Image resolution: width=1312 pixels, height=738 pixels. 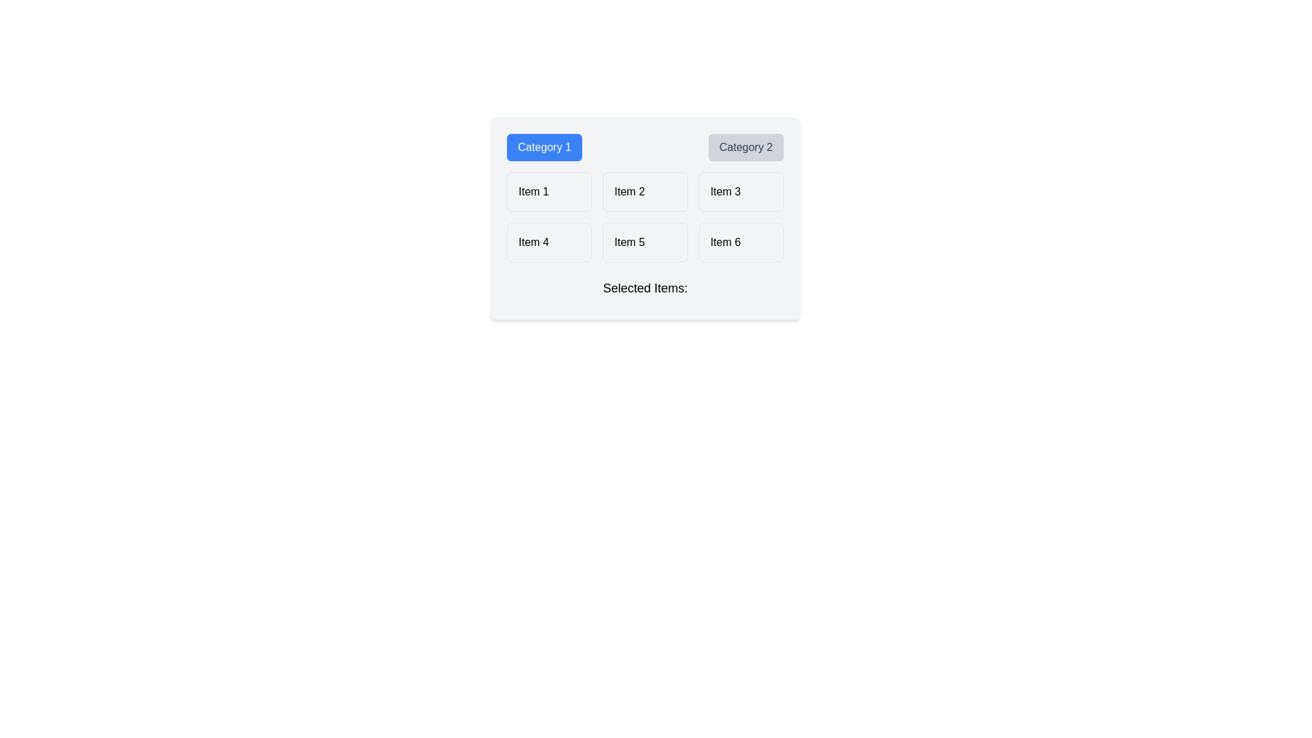 What do you see at coordinates (644, 148) in the screenshot?
I see `the 'Category 2' button, which is styled with a gray background and is part of a group of two horizontally arranged buttons at the top of a light gray panel` at bounding box center [644, 148].